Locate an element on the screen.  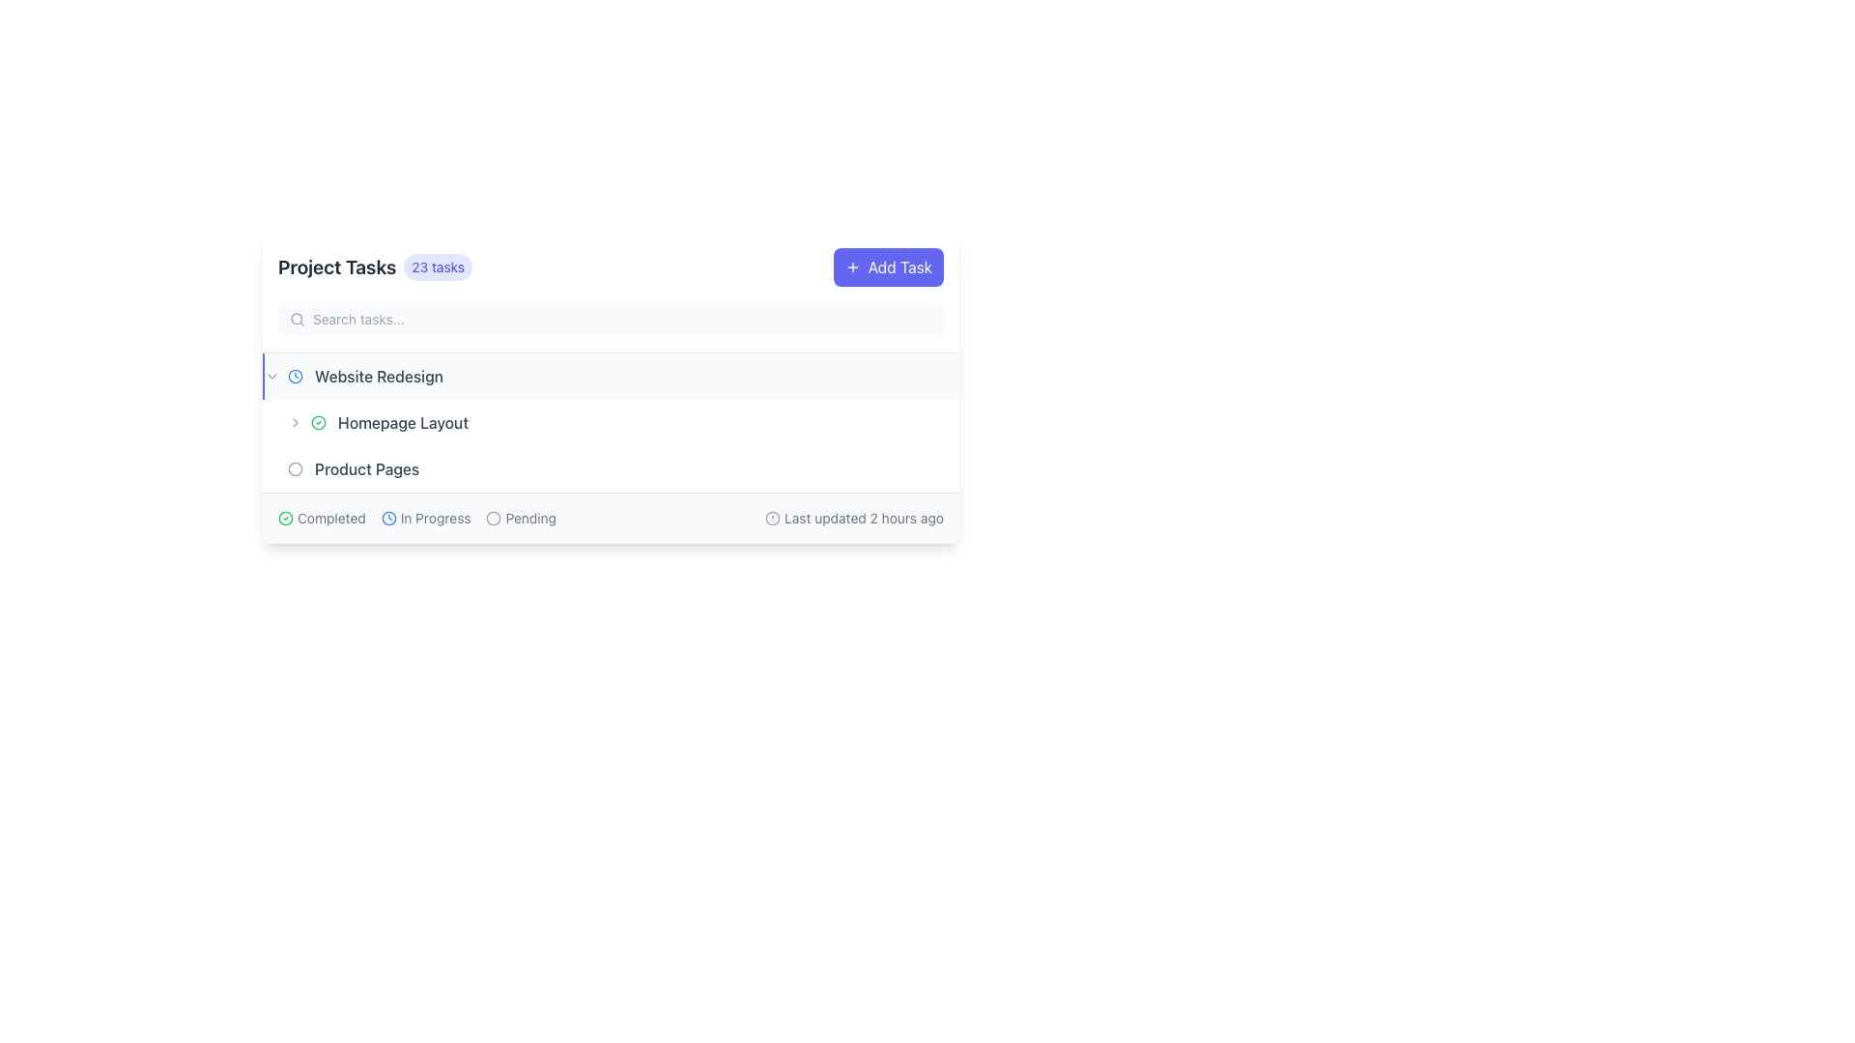
the universal search icon represented by a magnifying glass, which is located inside the search input field before the placeholder text 'Search tasks...' and aligned to the left side under the header 'Project Tasks' is located at coordinates (296, 319).